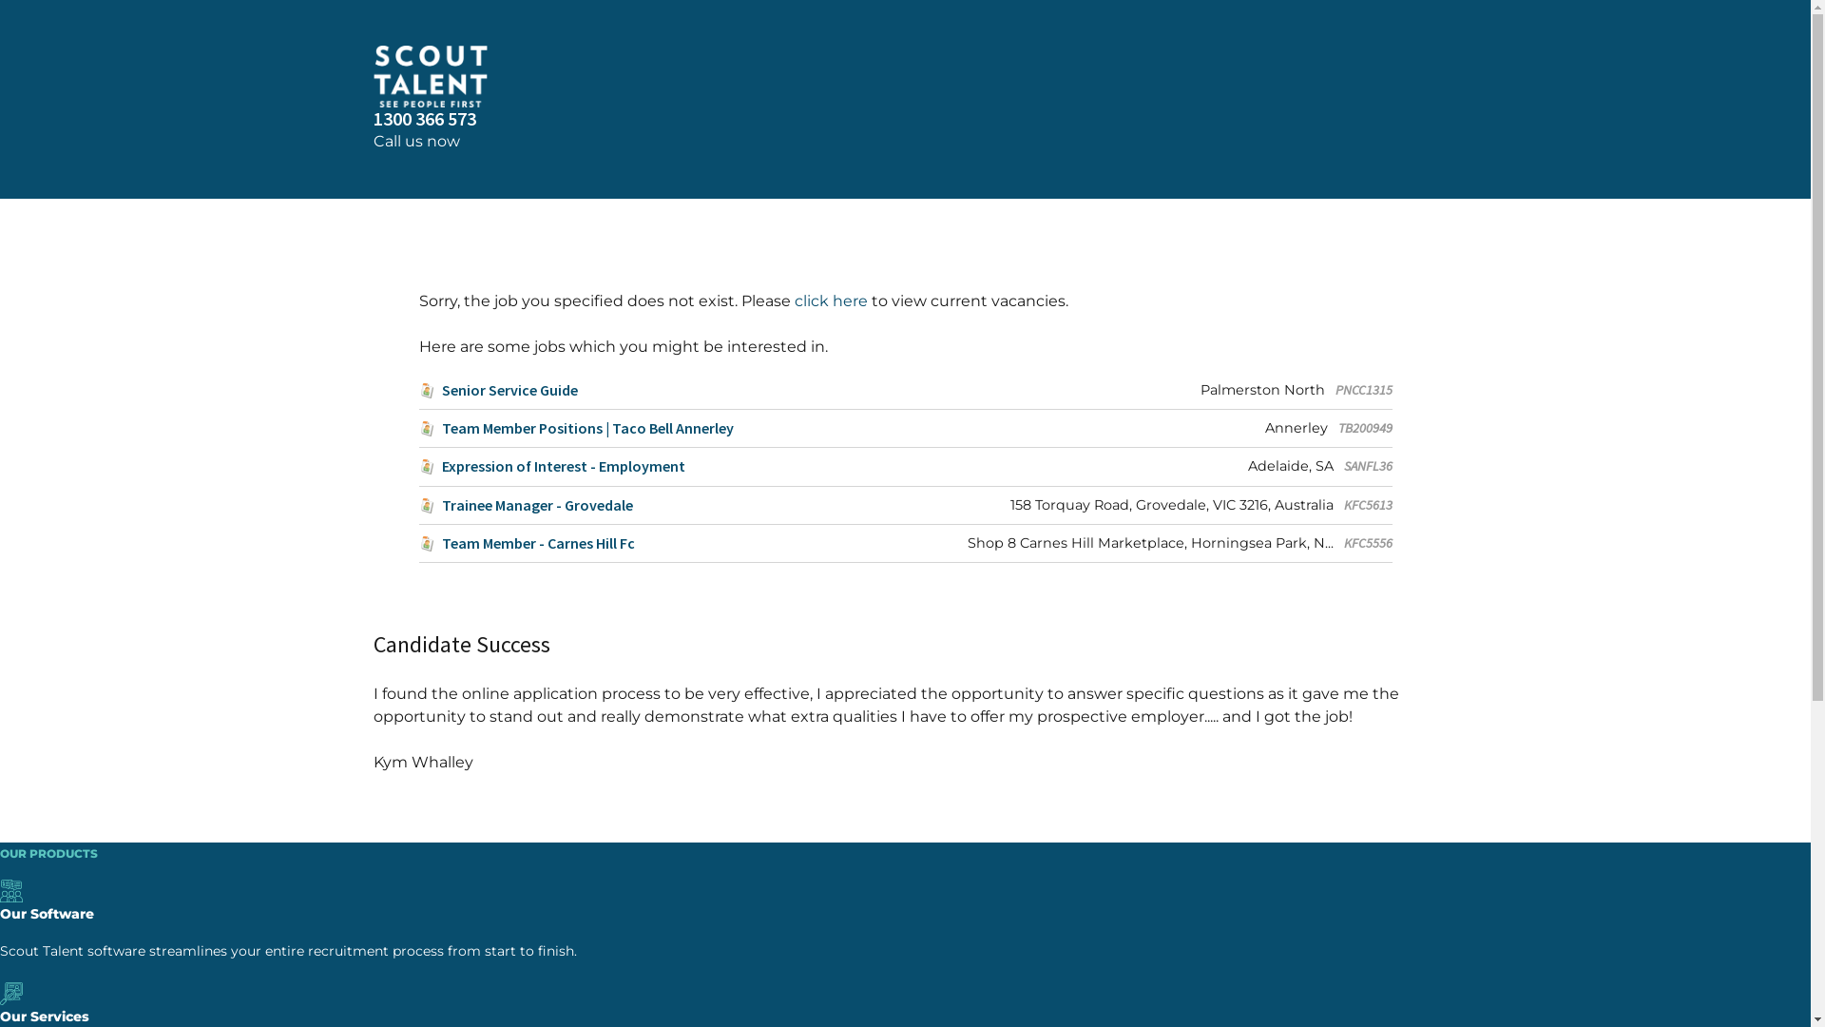  Describe the element at coordinates (497, 389) in the screenshot. I see `'Senior Service Guide'` at that location.